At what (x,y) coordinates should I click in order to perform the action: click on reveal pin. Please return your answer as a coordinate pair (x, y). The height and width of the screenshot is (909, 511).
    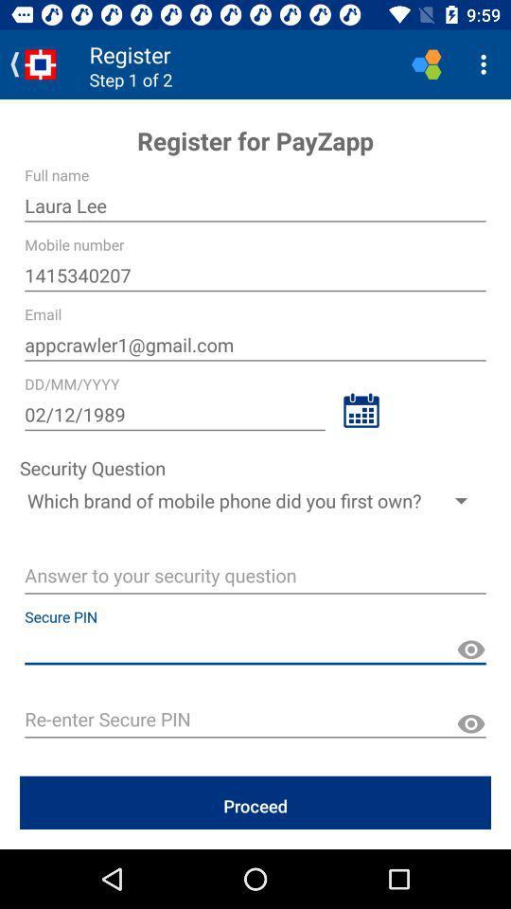
    Looking at the image, I should click on (469, 723).